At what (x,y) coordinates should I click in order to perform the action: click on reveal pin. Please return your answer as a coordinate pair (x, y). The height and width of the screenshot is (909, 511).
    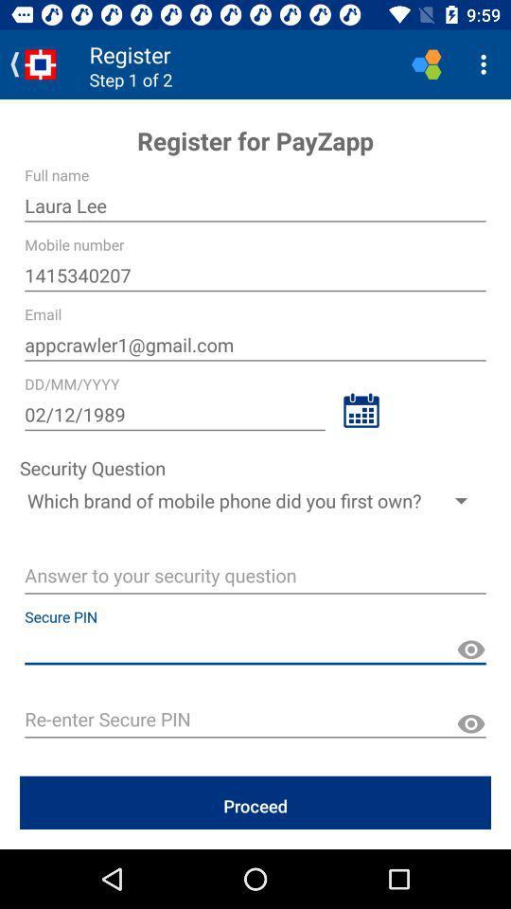
    Looking at the image, I should click on (469, 723).